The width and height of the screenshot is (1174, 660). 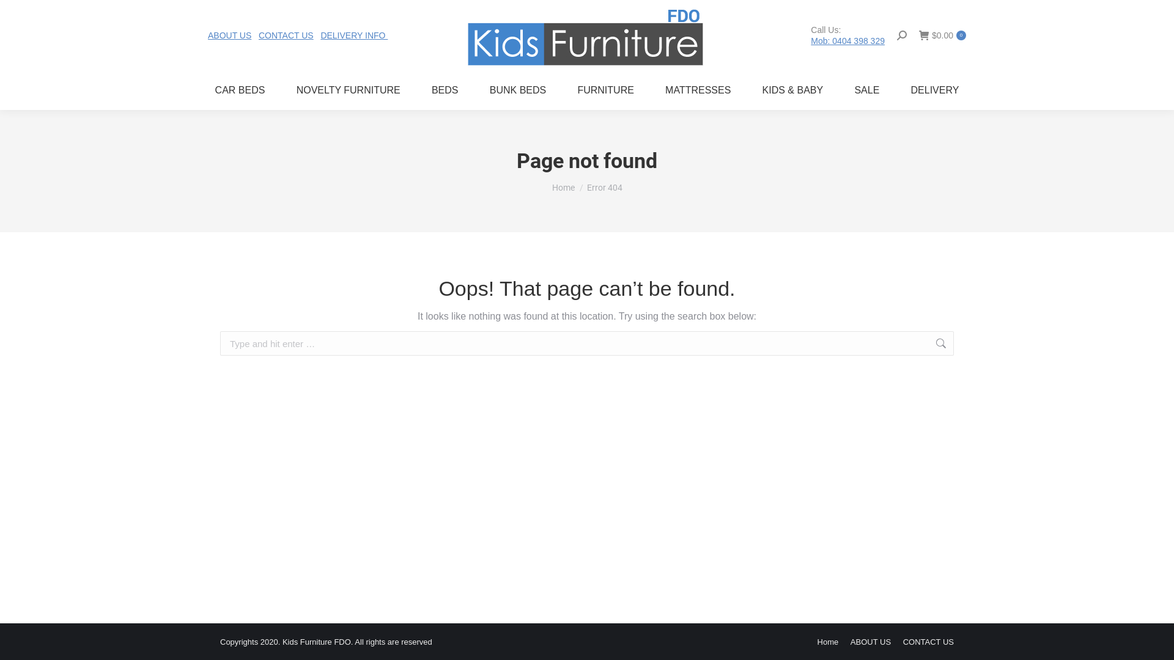 What do you see at coordinates (551, 188) in the screenshot?
I see `'Home'` at bounding box center [551, 188].